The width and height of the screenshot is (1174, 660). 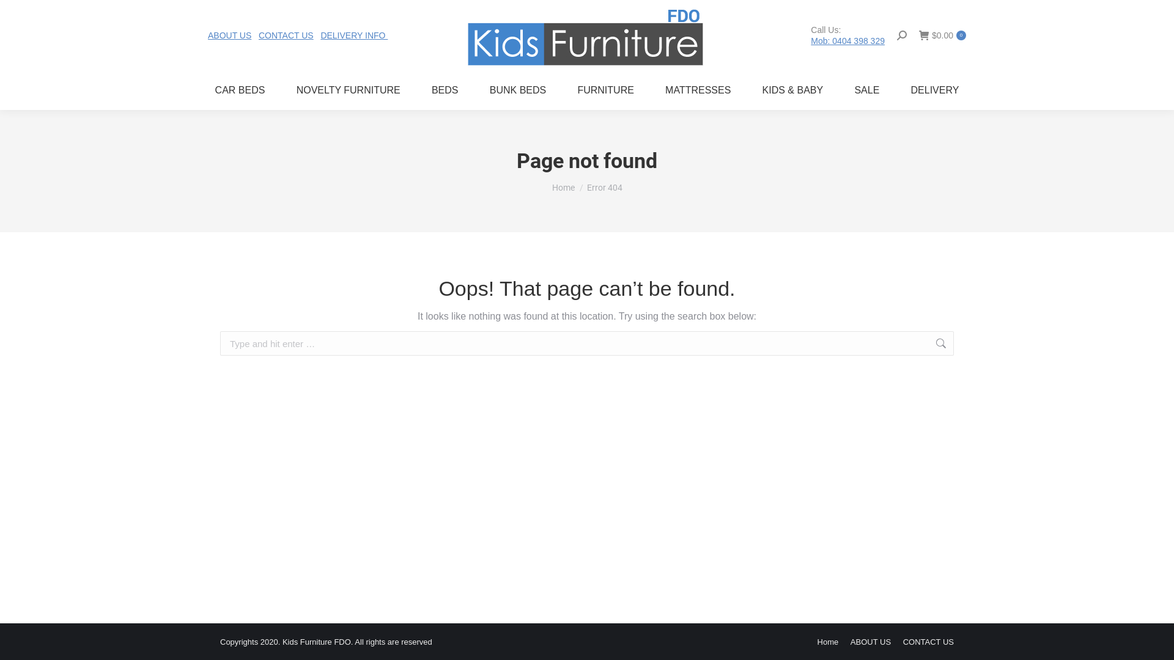 What do you see at coordinates (551, 188) in the screenshot?
I see `'Home'` at bounding box center [551, 188].